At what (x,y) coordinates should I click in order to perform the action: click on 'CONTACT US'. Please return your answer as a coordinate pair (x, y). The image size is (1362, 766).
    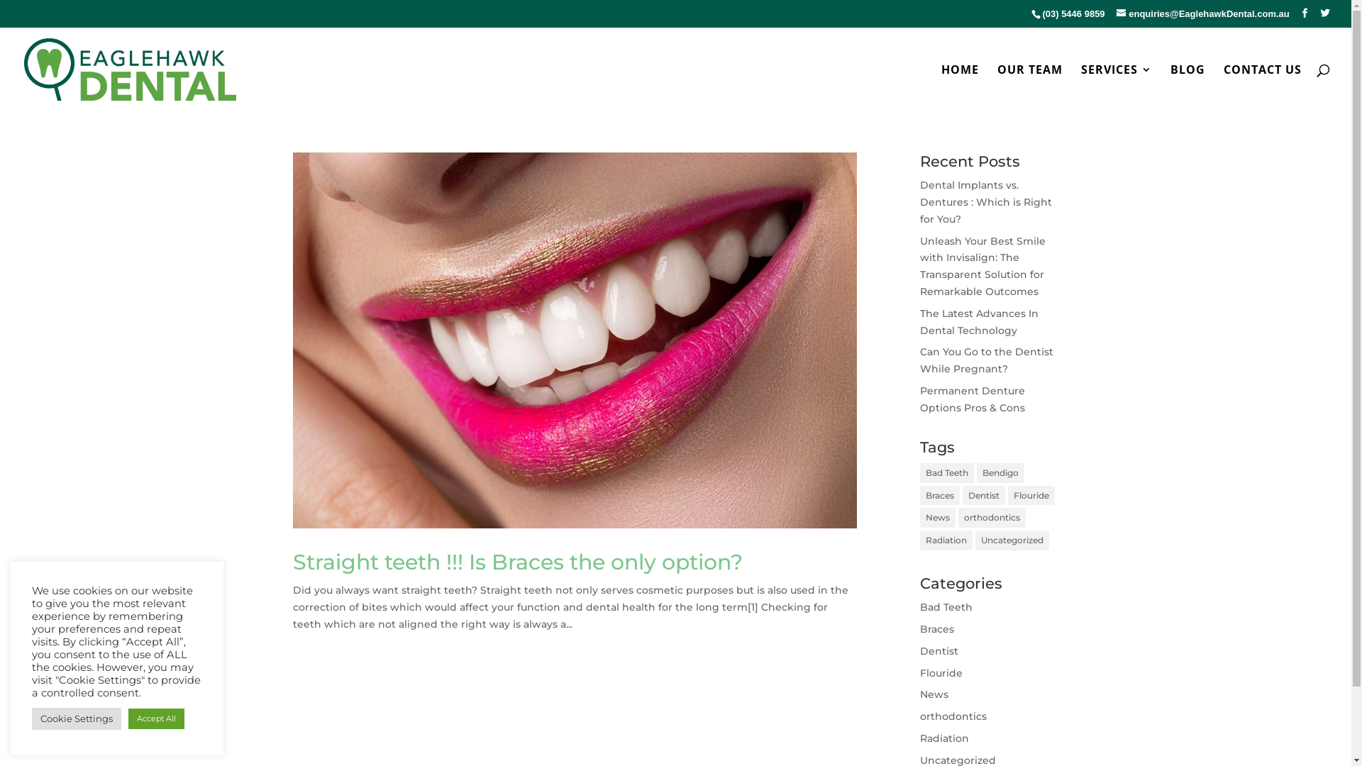
    Looking at the image, I should click on (1263, 87).